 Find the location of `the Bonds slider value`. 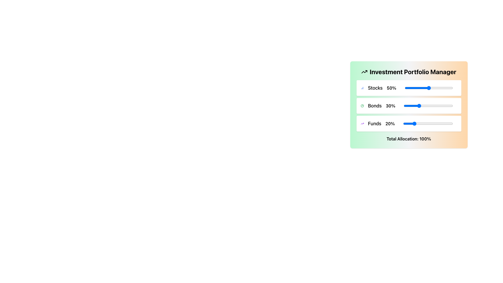

the Bonds slider value is located at coordinates (431, 106).